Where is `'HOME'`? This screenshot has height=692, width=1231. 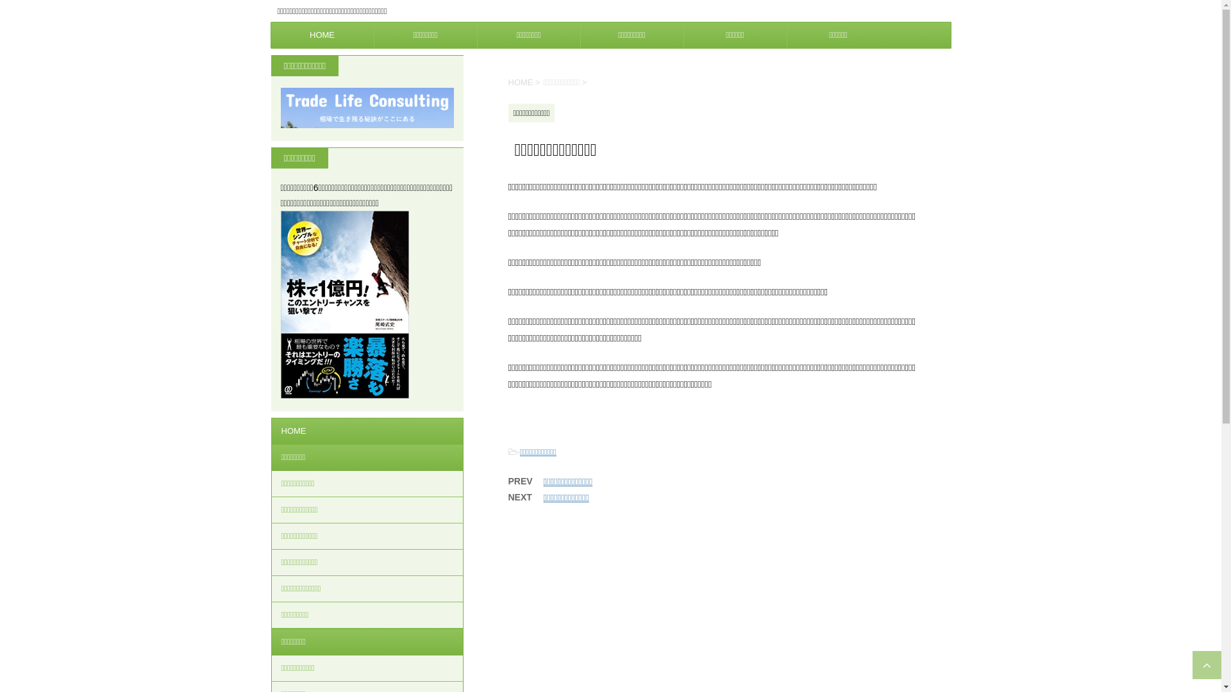
'HOME' is located at coordinates (366, 431).